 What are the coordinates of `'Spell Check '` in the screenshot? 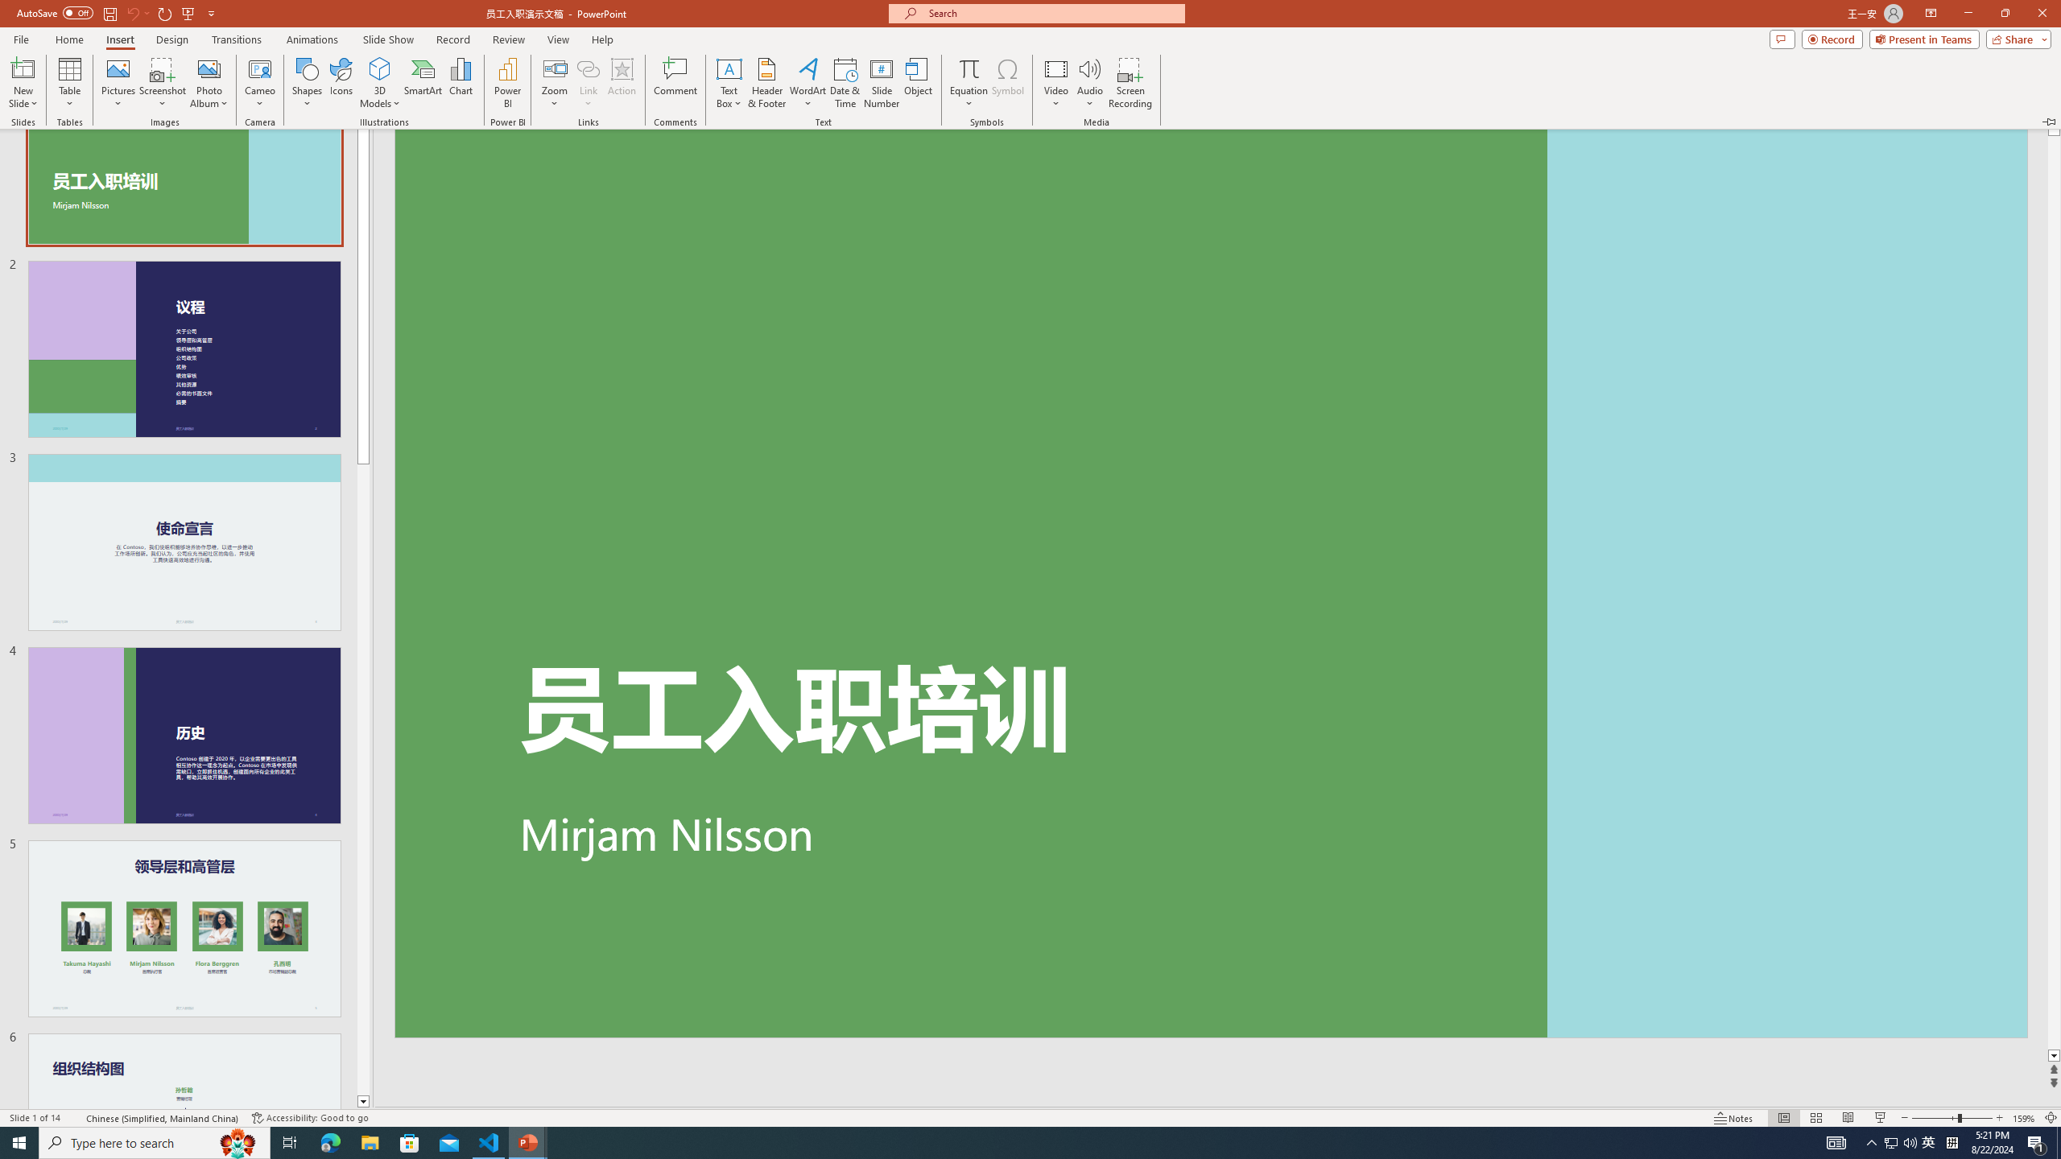 It's located at (75, 1118).